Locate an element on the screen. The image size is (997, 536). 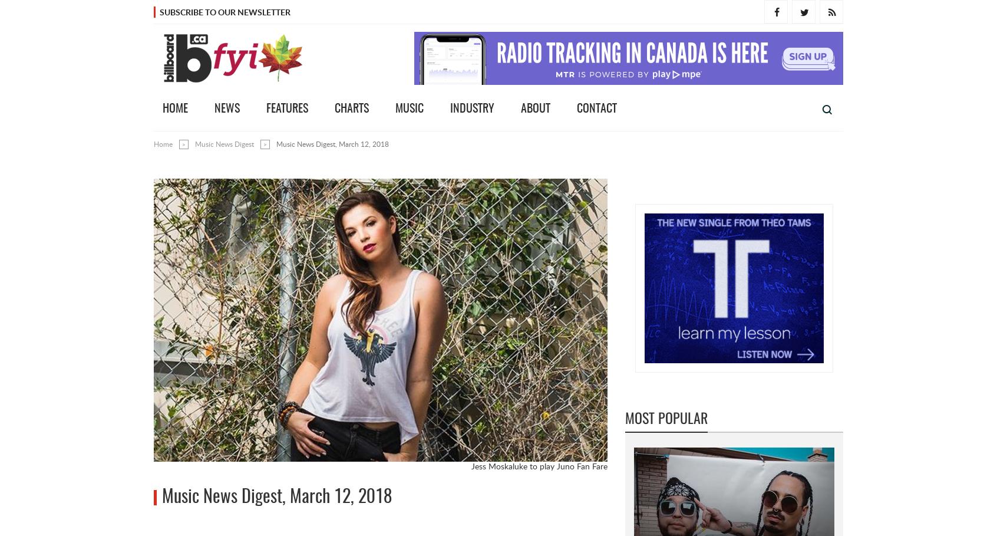
'all categories' is located at coordinates (737, 110).